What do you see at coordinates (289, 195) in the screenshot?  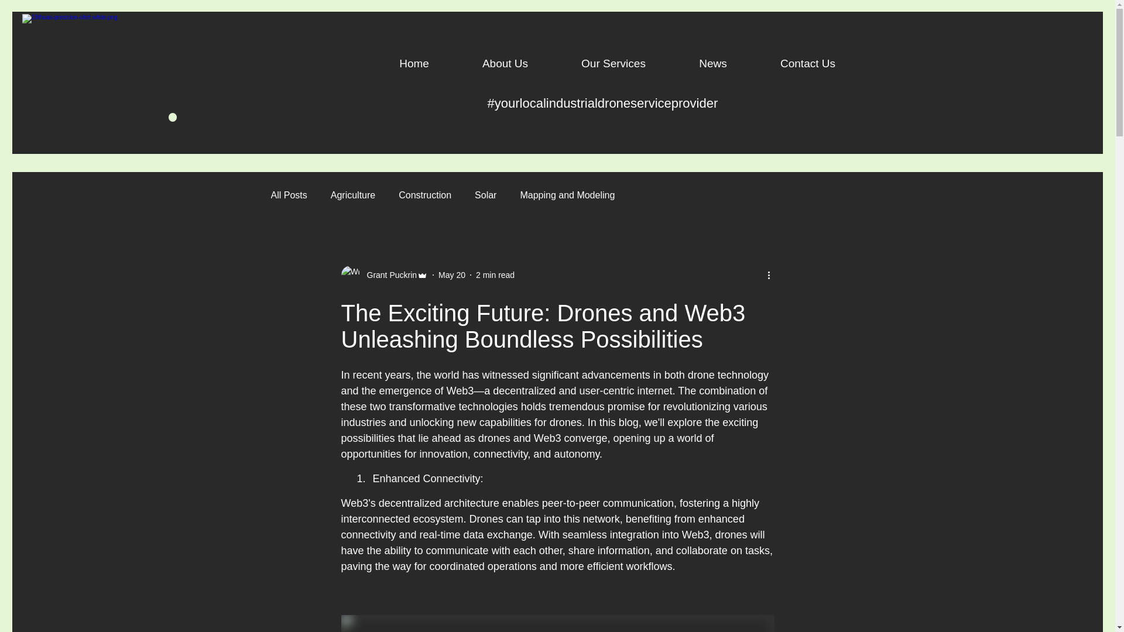 I see `'All Posts'` at bounding box center [289, 195].